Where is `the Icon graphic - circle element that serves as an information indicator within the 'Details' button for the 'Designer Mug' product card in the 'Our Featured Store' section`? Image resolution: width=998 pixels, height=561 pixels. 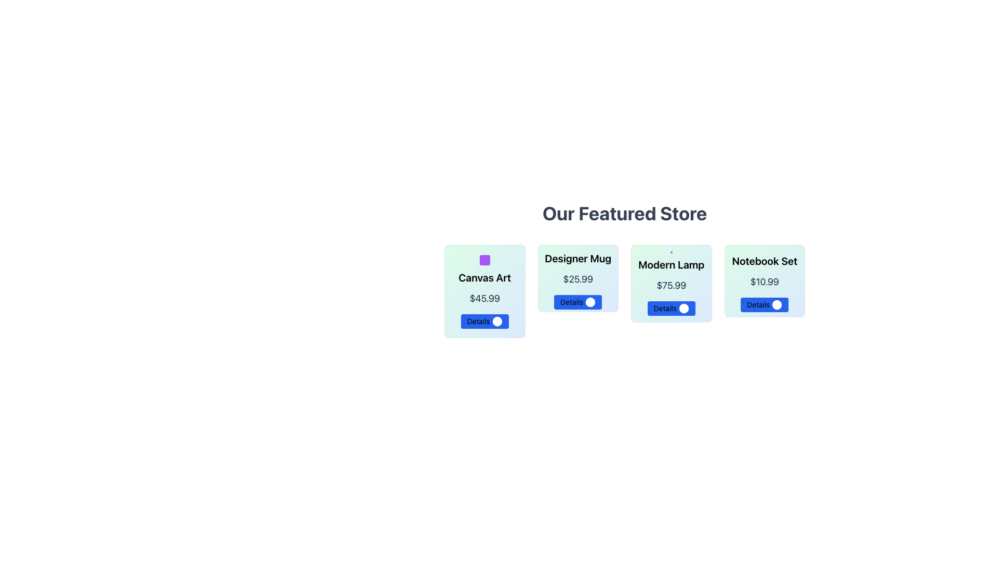 the Icon graphic - circle element that serves as an information indicator within the 'Details' button for the 'Designer Mug' product card in the 'Our Featured Store' section is located at coordinates (590, 302).